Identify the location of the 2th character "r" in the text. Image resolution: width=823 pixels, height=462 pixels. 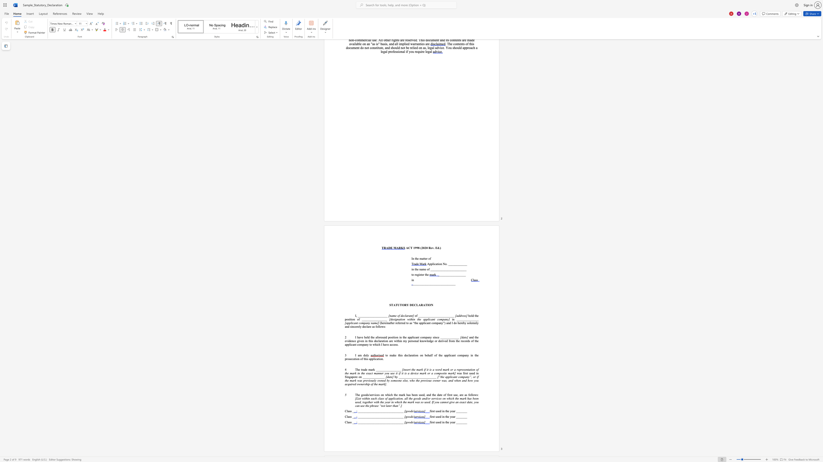
(369, 326).